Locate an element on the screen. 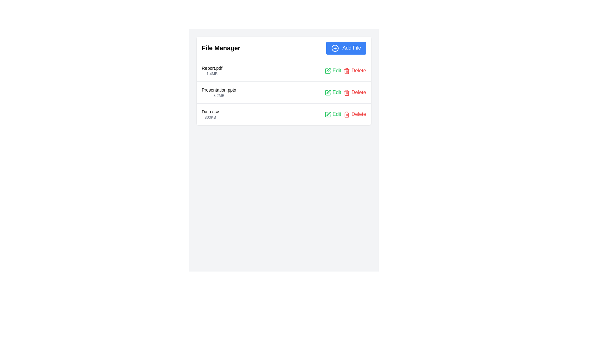  the outlined rectangular 'Edit' button with a pen symbol in green color, located to the left of the red 'Delete' button in the row labeled 'Report.pdf 1.4MB' is located at coordinates (328, 71).